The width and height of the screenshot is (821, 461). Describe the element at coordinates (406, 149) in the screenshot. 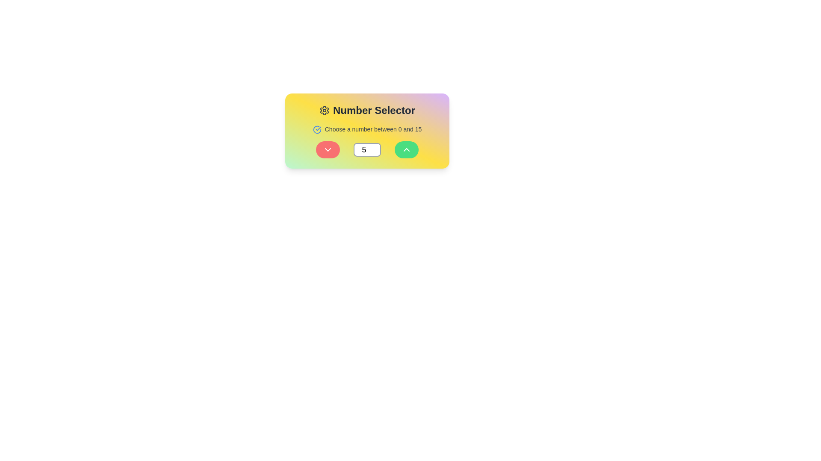

I see `the circular green button with a white upward-pointing chevron symbol to increment the numeric value` at that location.